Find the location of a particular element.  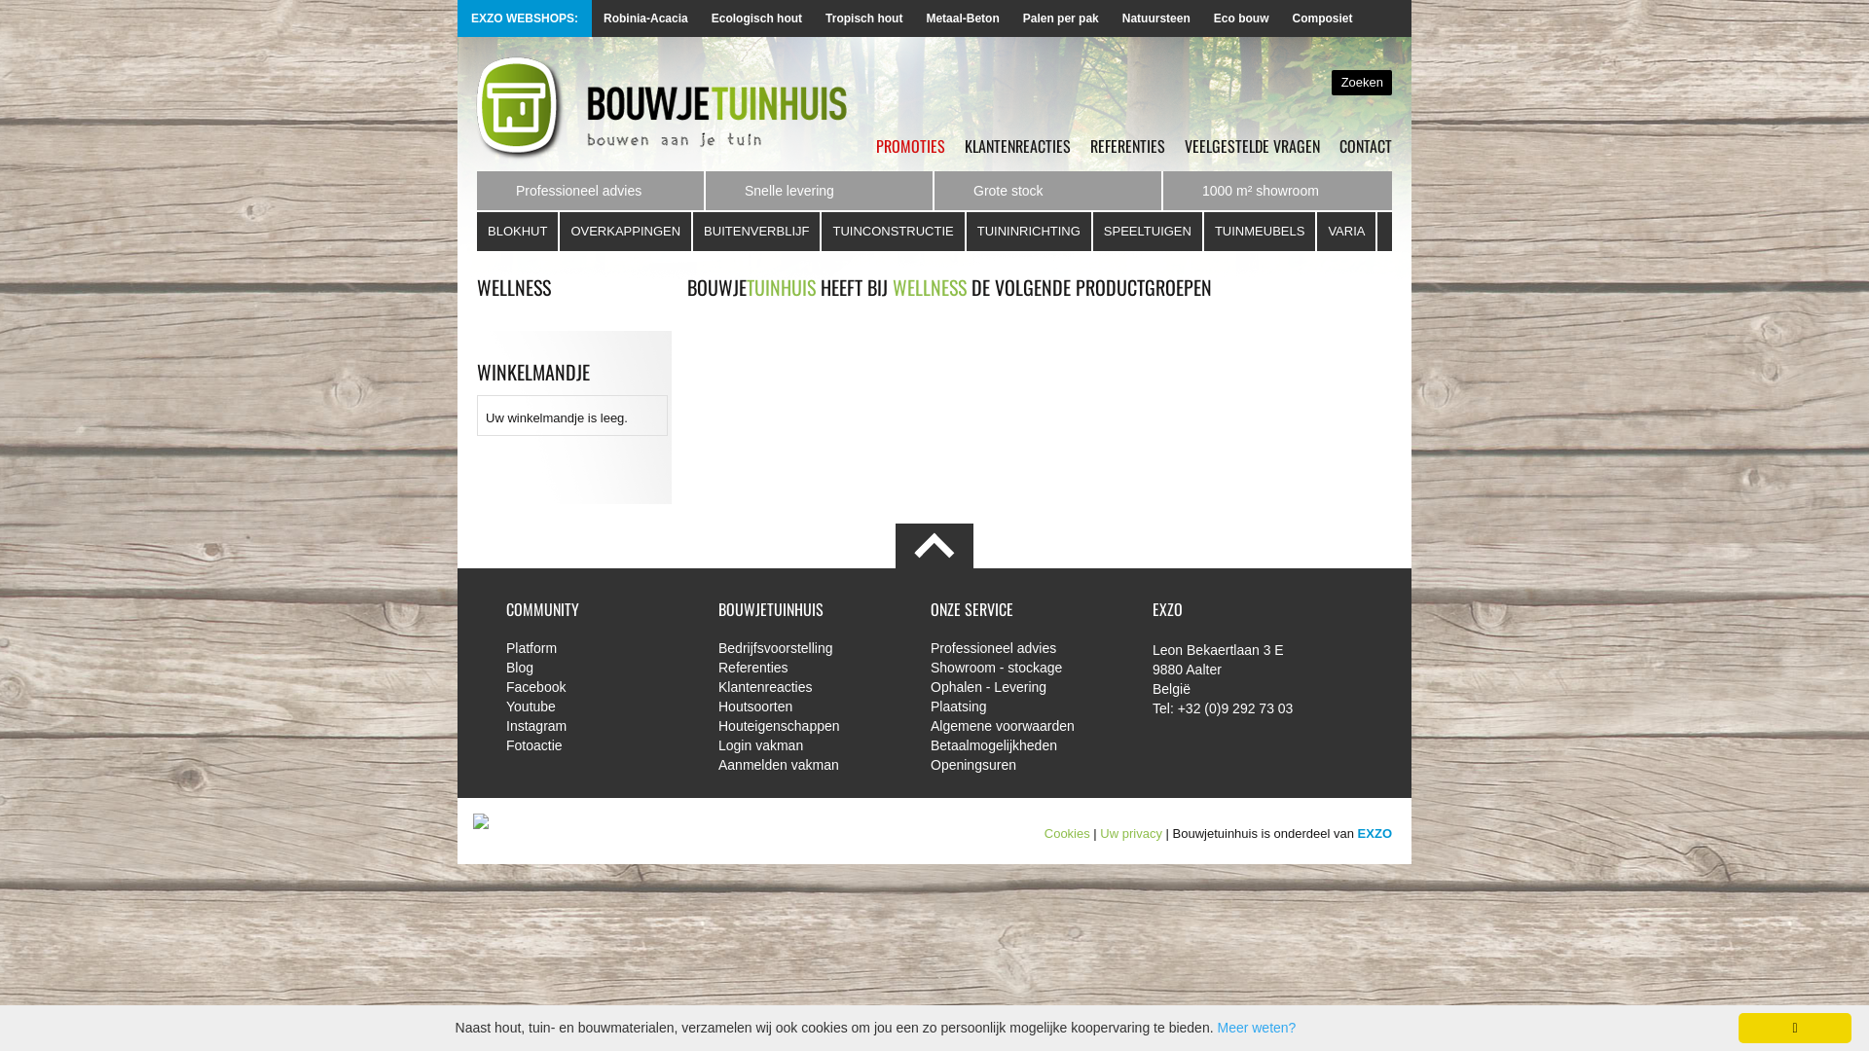

'Zoeken' is located at coordinates (1331, 81).